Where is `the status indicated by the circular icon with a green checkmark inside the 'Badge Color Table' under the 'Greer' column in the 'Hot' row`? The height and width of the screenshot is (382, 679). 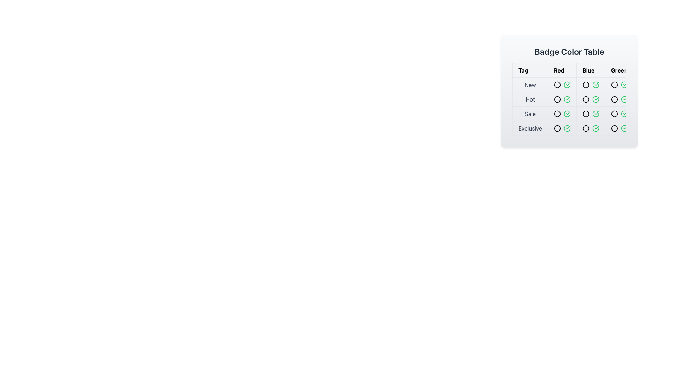
the status indicated by the circular icon with a green checkmark inside the 'Badge Color Table' under the 'Greer' column in the 'Hot' row is located at coordinates (624, 99).